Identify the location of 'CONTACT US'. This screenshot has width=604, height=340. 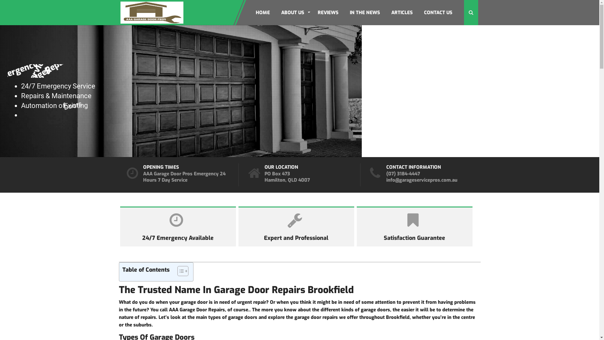
(438, 13).